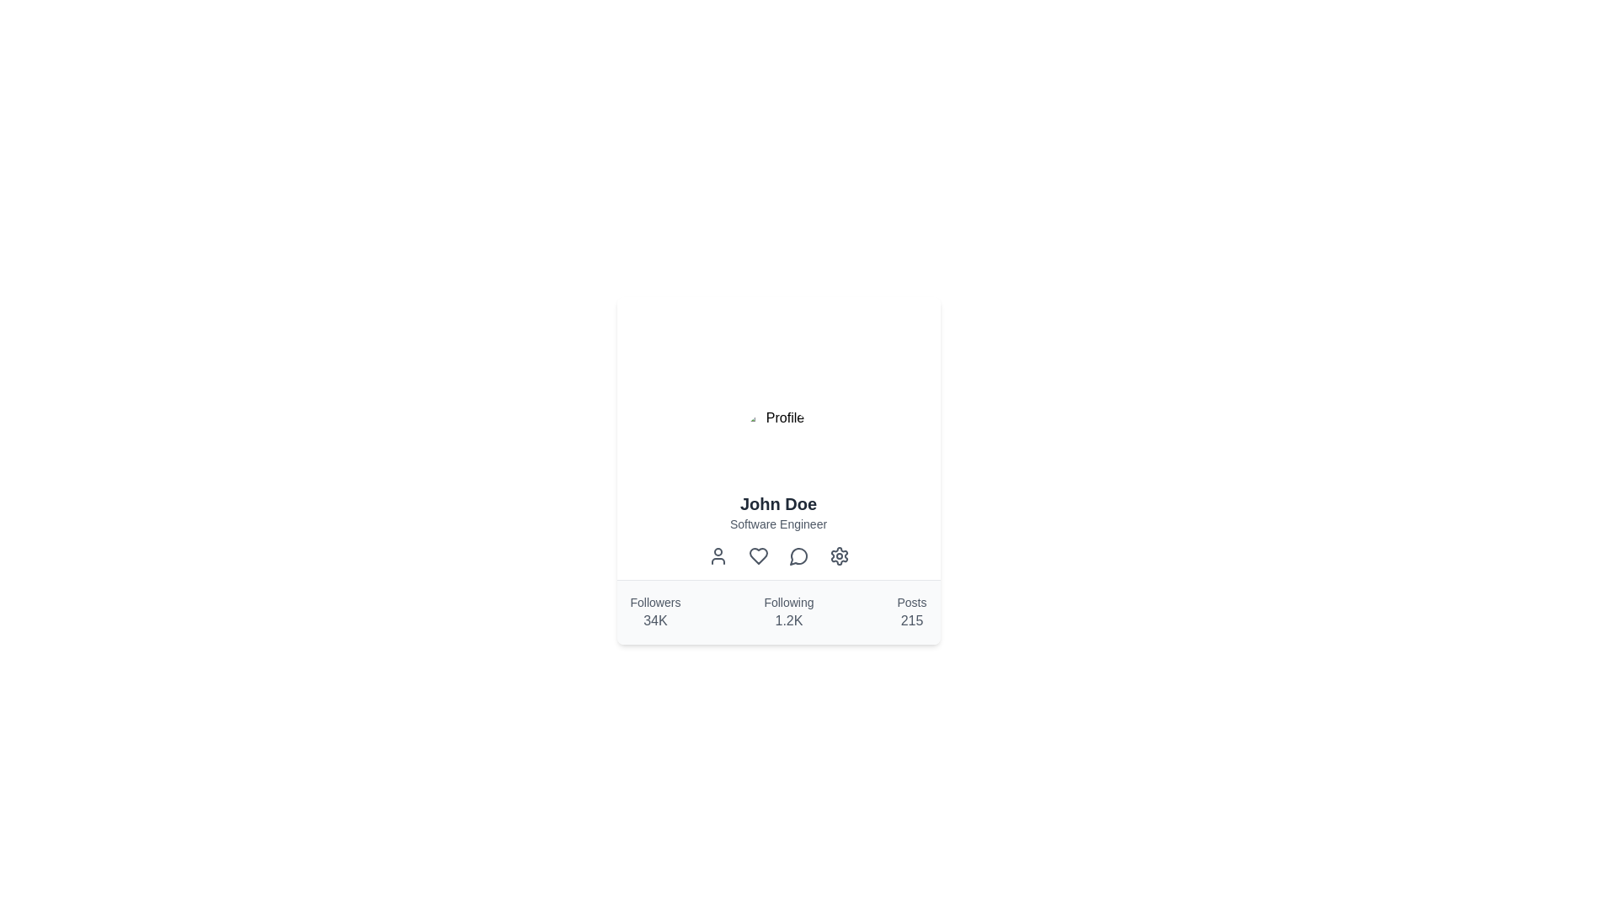 This screenshot has width=1617, height=909. Describe the element at coordinates (911, 602) in the screenshot. I see `text label that says 'Posts', which is positioned at the top of the 'Posts215' group` at that location.